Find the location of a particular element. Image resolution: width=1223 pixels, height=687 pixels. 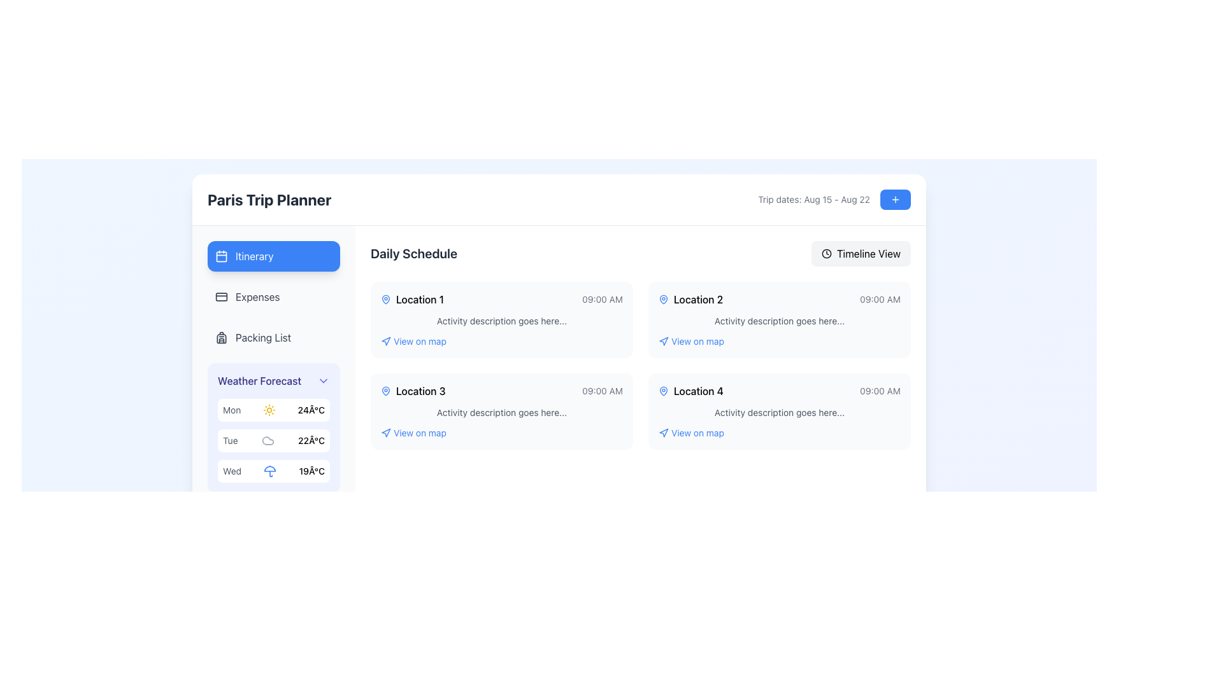

the minimalist gray cloud icon located in the left sidebar above the weather forecast section is located at coordinates (267, 440).